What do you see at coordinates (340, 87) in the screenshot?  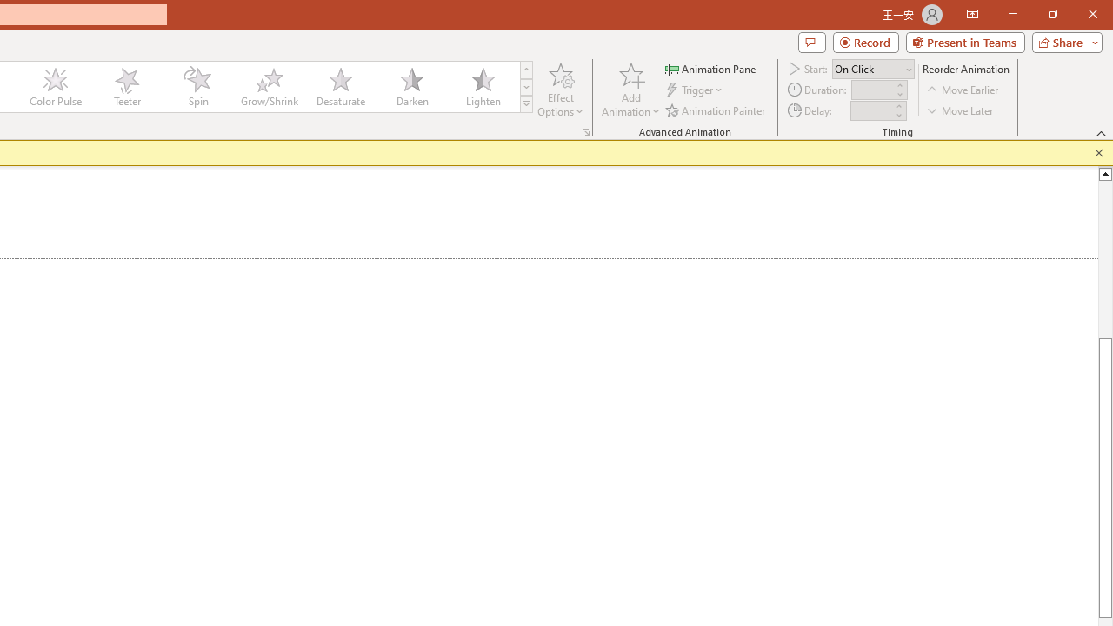 I see `'Desaturate'` at bounding box center [340, 87].